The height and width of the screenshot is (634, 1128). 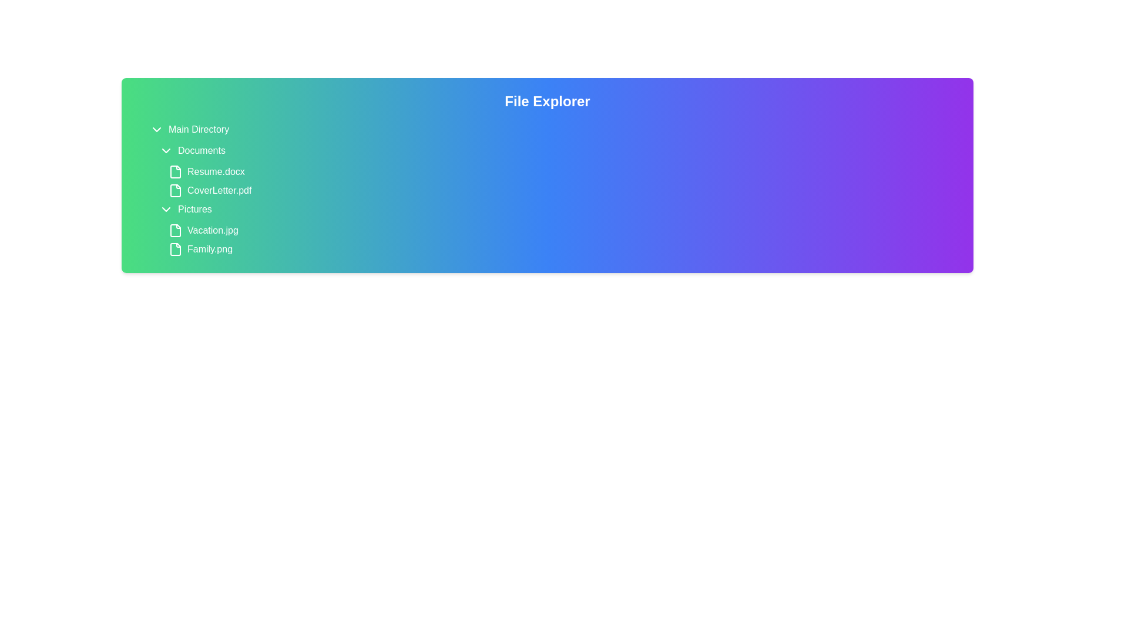 What do you see at coordinates (213, 231) in the screenshot?
I see `the text label displaying the filename 'Vacation.jpg' to display the filename tooltip` at bounding box center [213, 231].